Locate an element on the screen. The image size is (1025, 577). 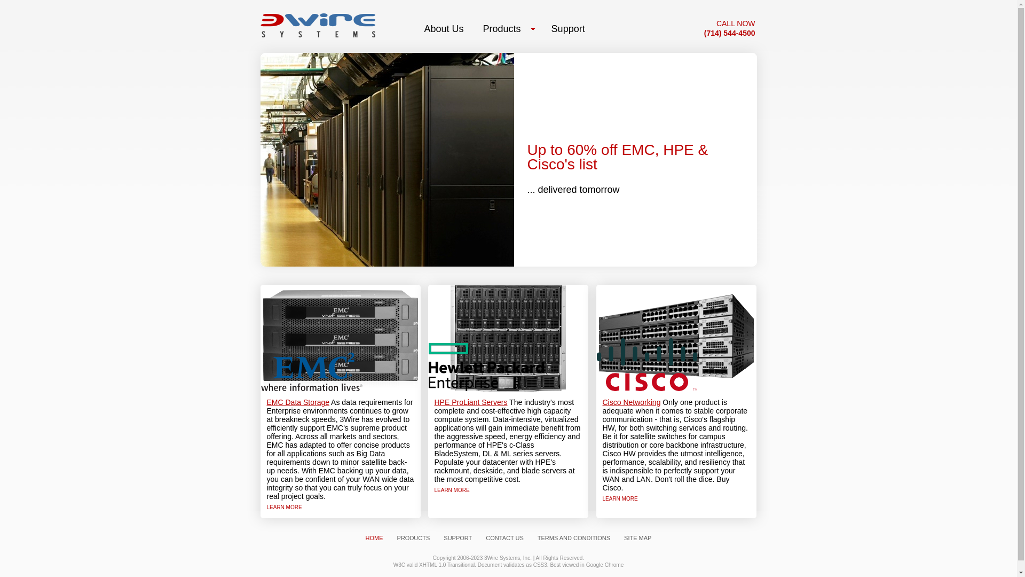
'HOME' is located at coordinates (374, 537).